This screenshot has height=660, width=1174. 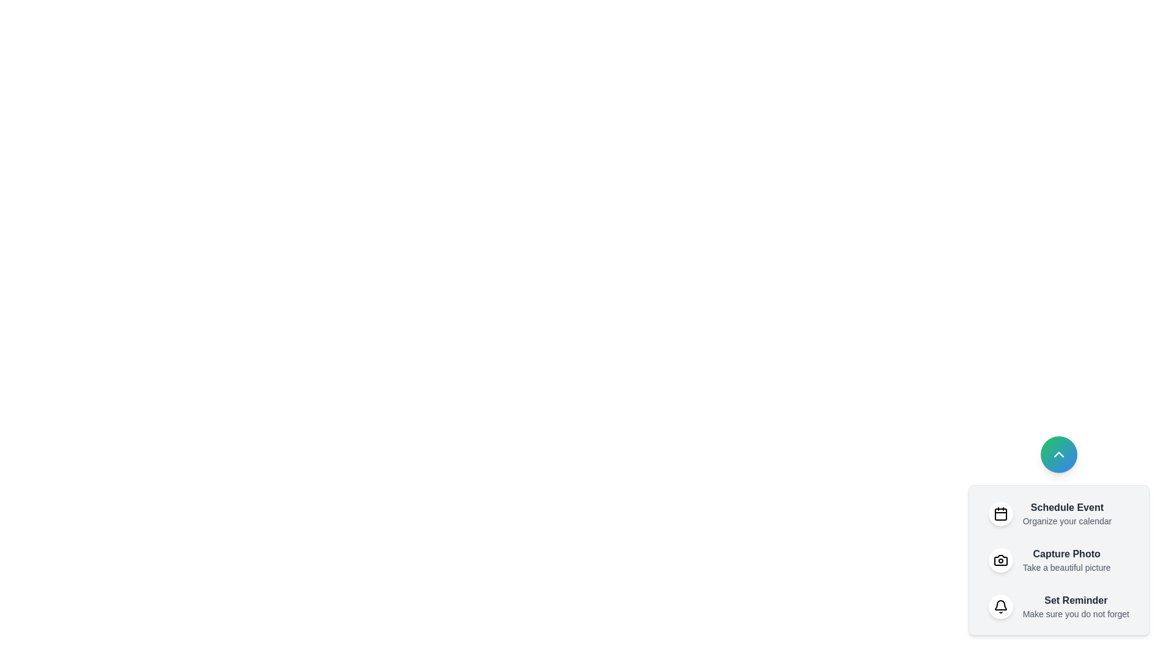 I want to click on the 'Schedule Event' button to organize the calendar, so click(x=1058, y=513).